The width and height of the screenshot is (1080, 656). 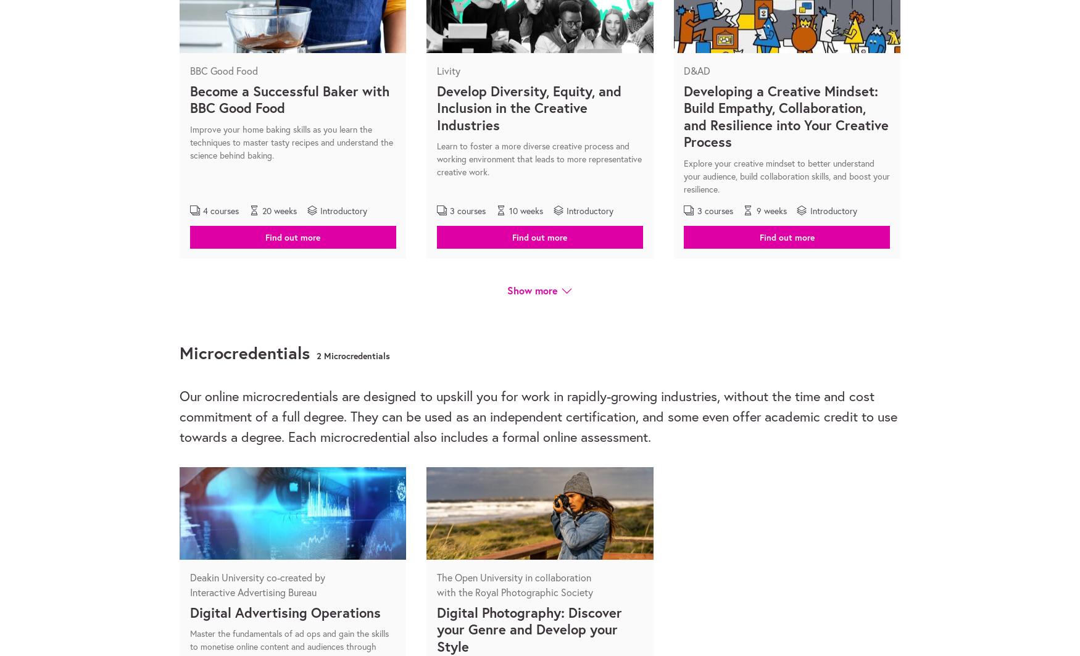 I want to click on 'The Open University in collaboration with the Royal Photographic Society', so click(x=514, y=583).